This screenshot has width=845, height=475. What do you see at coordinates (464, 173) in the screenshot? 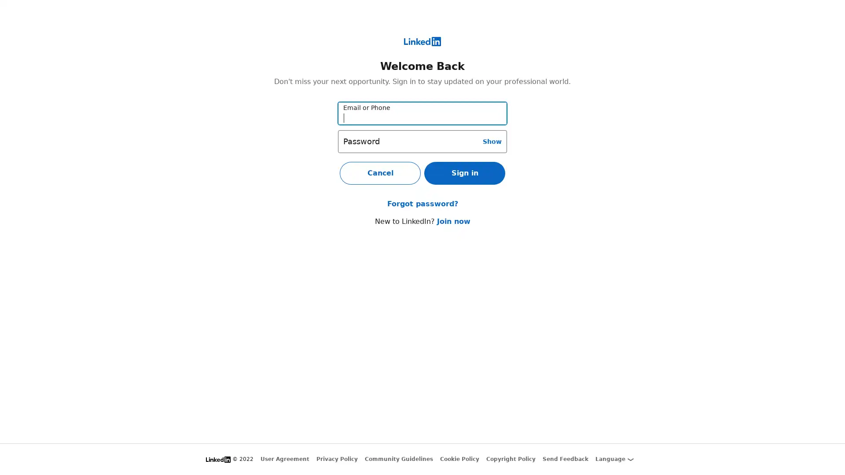
I see `Sign in` at bounding box center [464, 173].